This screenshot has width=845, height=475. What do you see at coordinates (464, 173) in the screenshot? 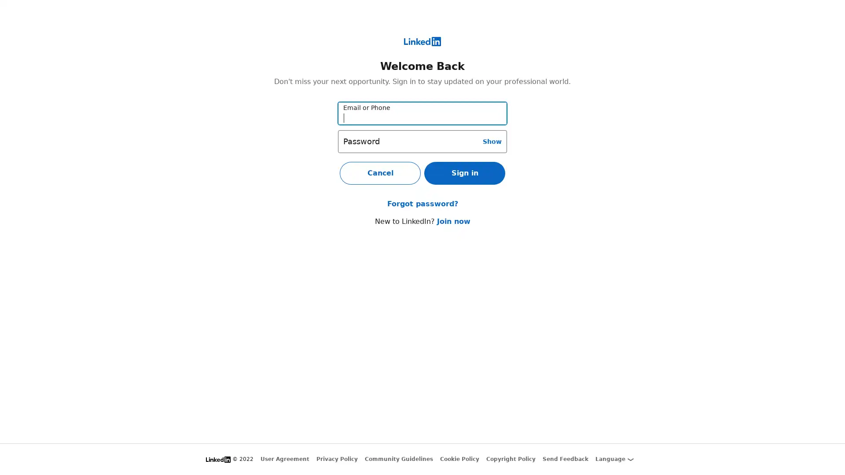
I see `Sign in` at bounding box center [464, 173].